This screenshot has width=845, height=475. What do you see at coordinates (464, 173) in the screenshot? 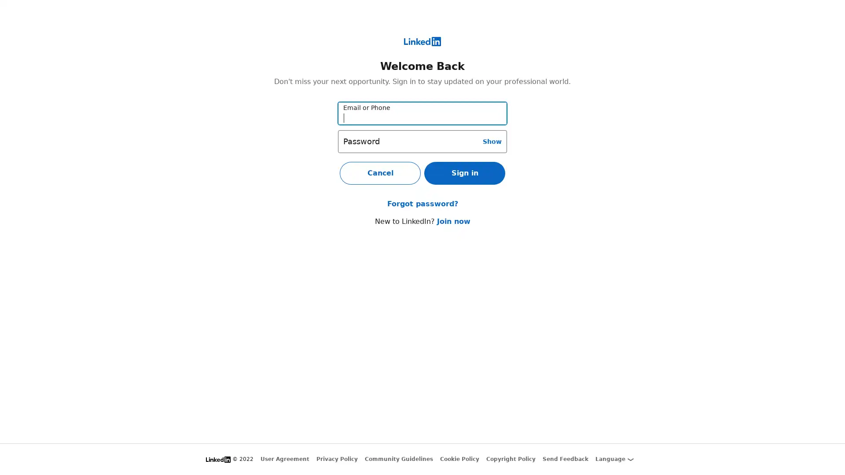
I see `Sign in` at bounding box center [464, 173].